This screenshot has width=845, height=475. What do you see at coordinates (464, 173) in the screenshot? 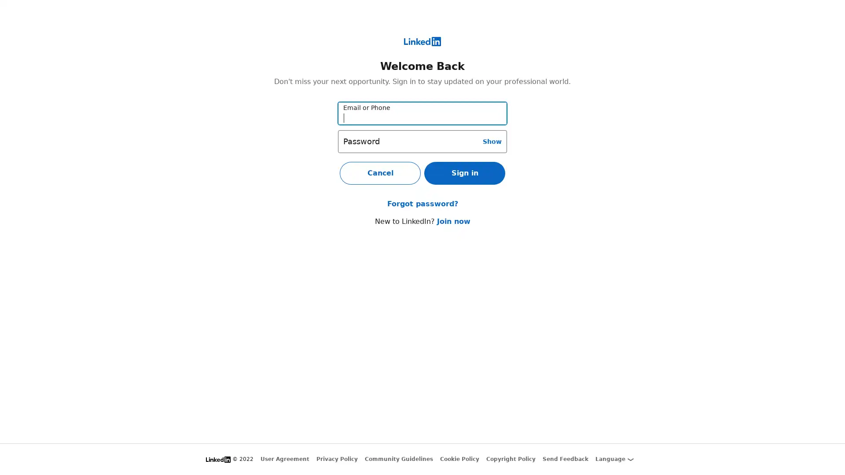
I see `Sign in` at bounding box center [464, 173].